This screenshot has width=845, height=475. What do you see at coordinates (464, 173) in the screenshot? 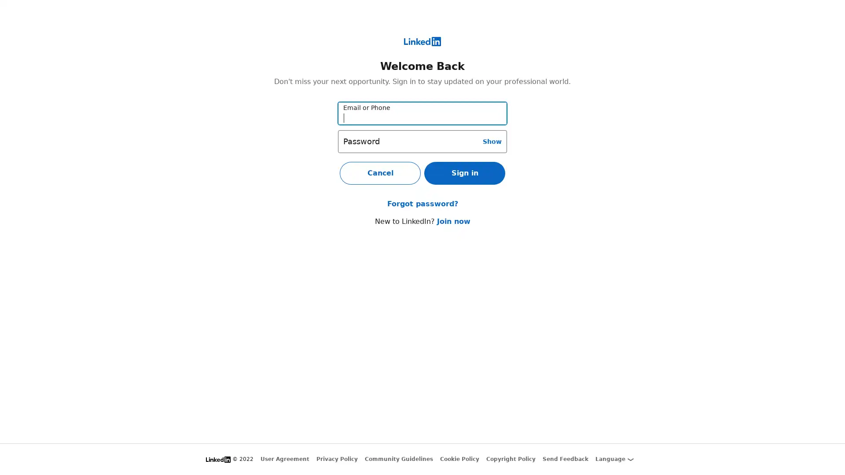
I see `Sign in` at bounding box center [464, 173].